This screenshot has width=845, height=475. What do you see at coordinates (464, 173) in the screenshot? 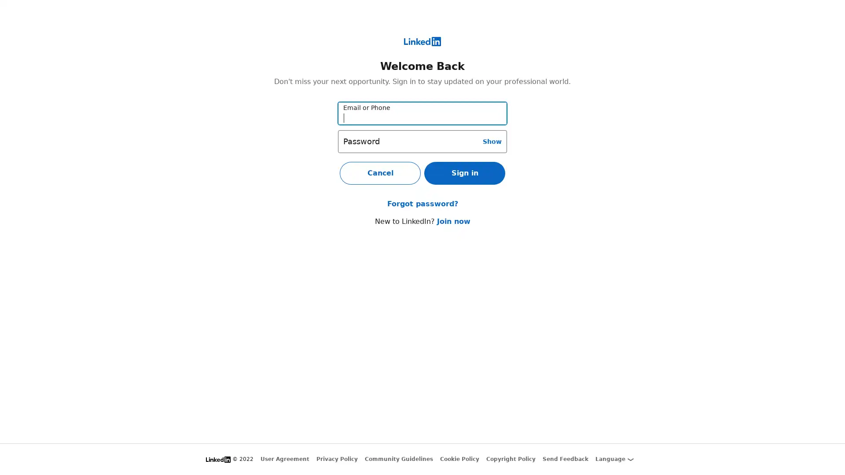
I see `Sign in` at bounding box center [464, 173].